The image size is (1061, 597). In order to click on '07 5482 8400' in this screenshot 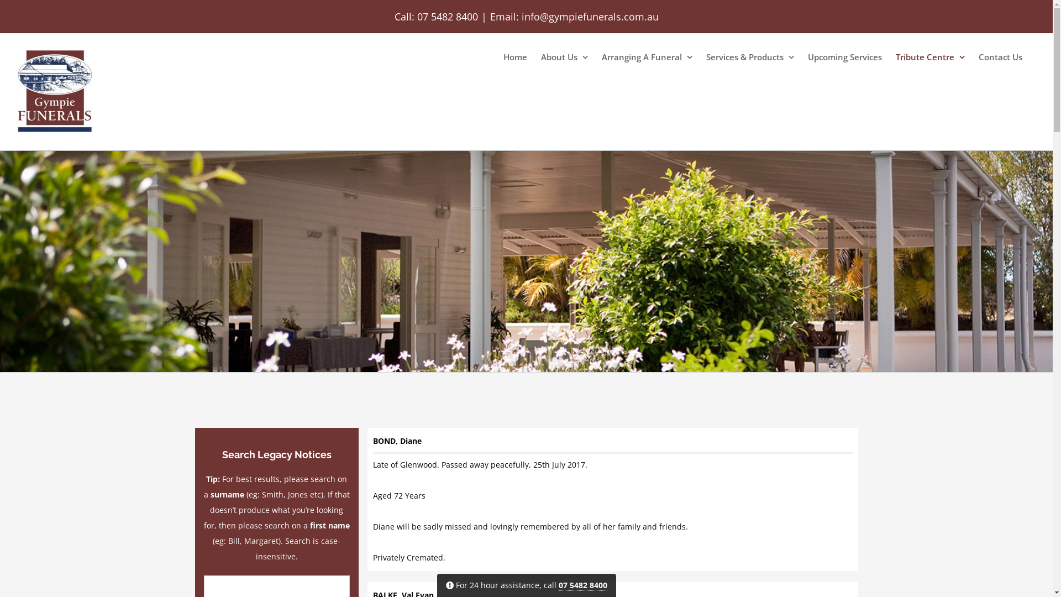, I will do `click(582, 585)`.